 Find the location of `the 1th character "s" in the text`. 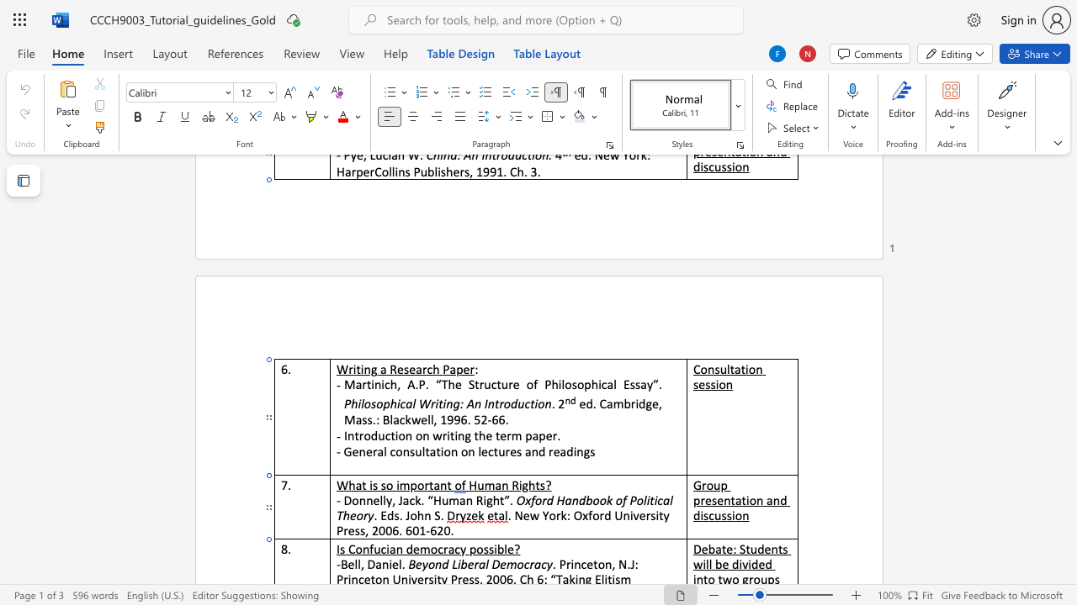

the 1th character "s" in the text is located at coordinates (542, 485).